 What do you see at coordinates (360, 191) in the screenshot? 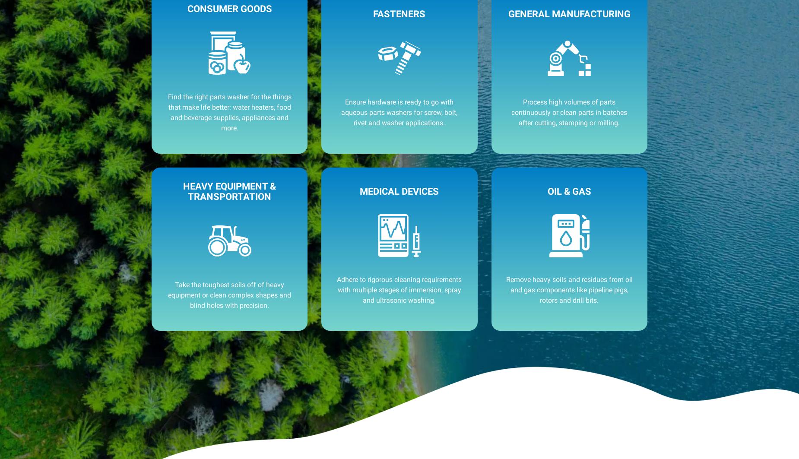
I see `'Medical Devices'` at bounding box center [360, 191].